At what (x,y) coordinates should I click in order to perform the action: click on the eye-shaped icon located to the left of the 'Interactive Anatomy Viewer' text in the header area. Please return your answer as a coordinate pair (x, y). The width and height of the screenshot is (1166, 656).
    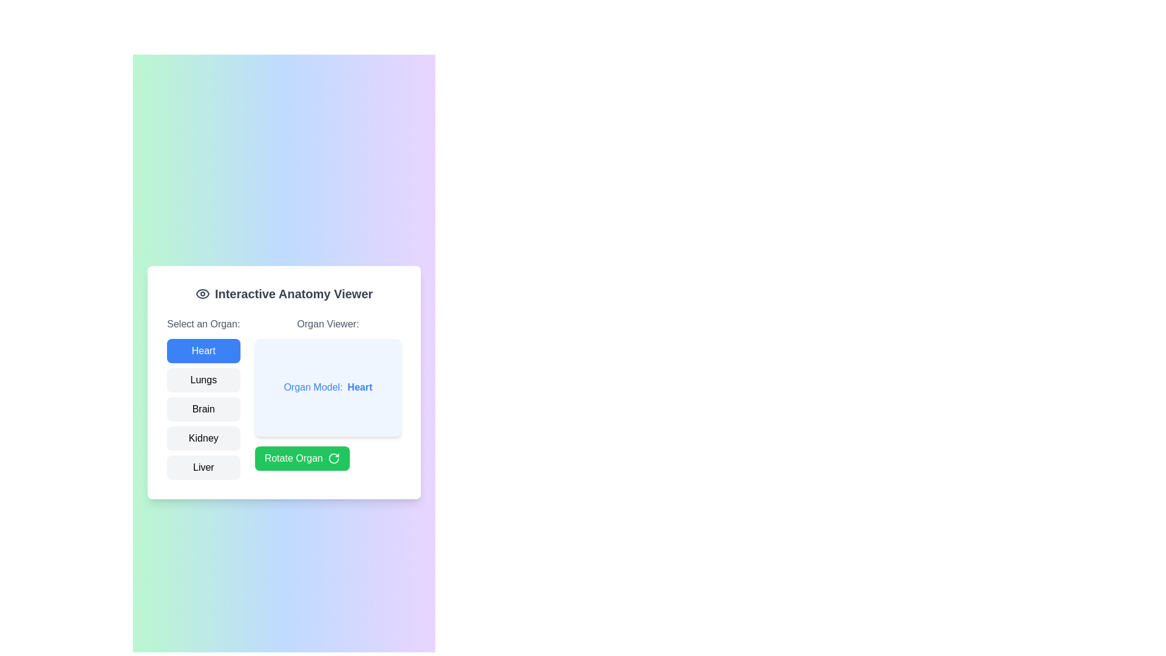
    Looking at the image, I should click on (202, 293).